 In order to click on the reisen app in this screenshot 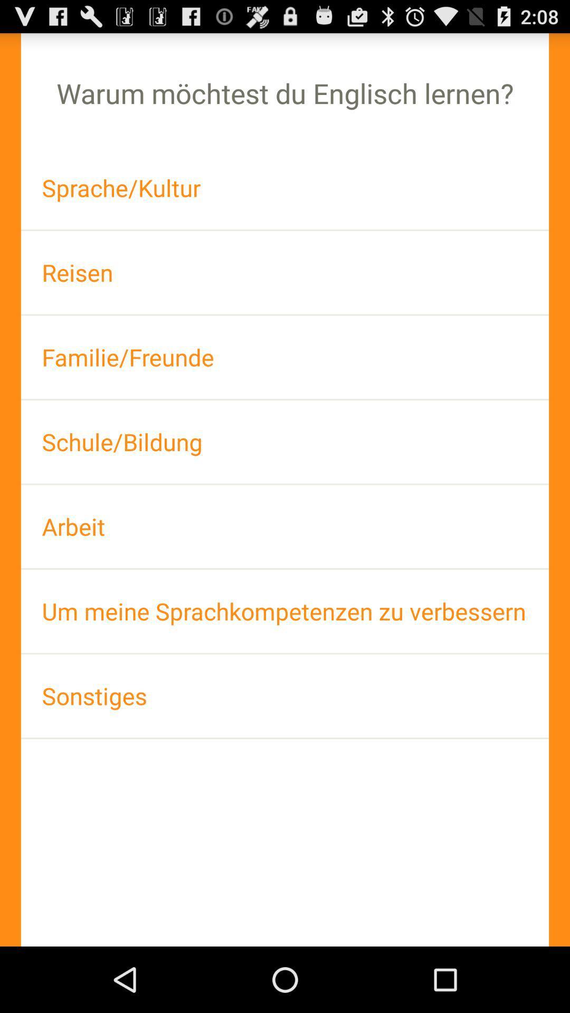, I will do `click(285, 272)`.